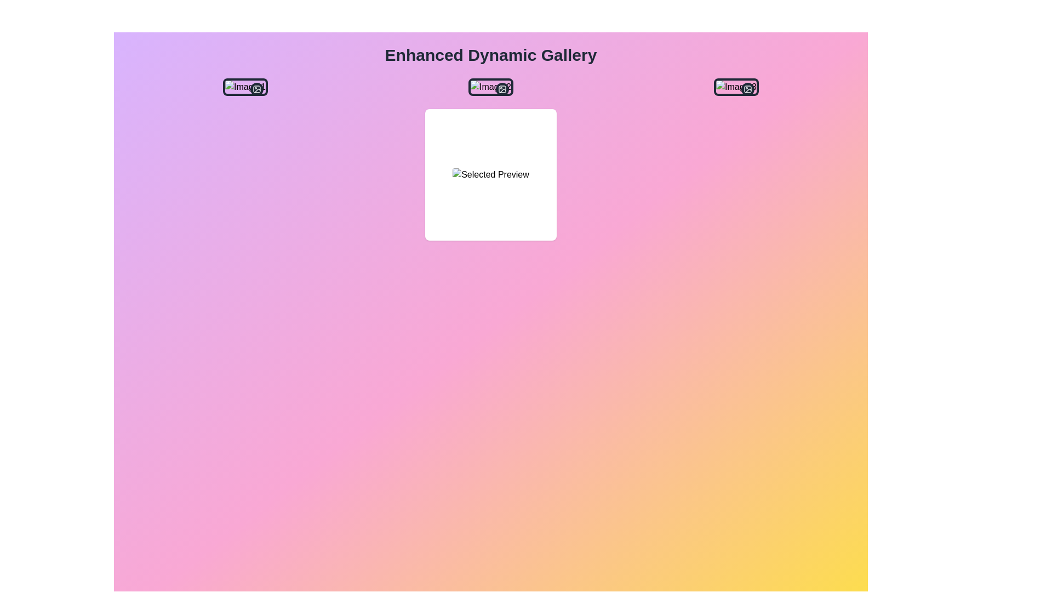 The width and height of the screenshot is (1052, 592). I want to click on the circular icon located at the top-right of the adjacent rectangular image with rounded corners to interact with it, so click(747, 88).